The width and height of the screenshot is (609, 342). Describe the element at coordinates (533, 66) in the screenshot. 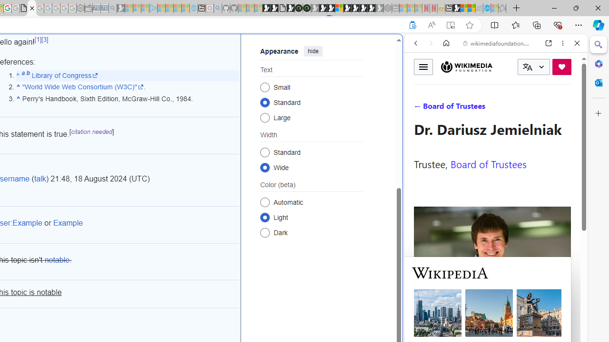

I see `'CURRENT LANGUAGE:'` at that location.